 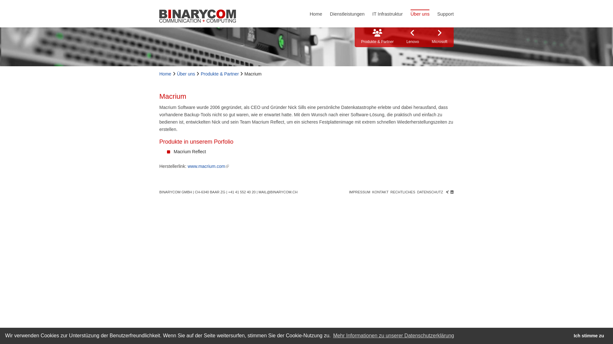 What do you see at coordinates (192, 191) in the screenshot?
I see `'BINARYCOM GMBH | CH-6340 BAAR ZG'` at bounding box center [192, 191].